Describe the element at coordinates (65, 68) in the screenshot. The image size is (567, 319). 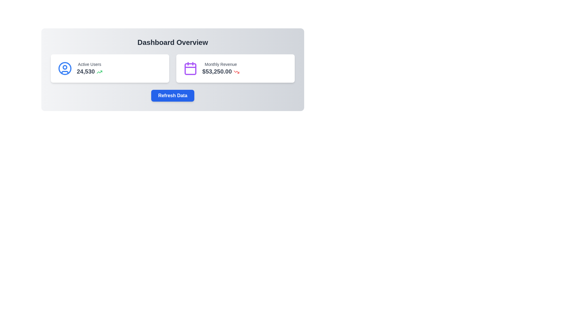
I see `properties of the user profile avatar represented as a circle within the SVG icon located at the top-left of the leftmost card in the dashboard's overview section, above the 'Active Users' label` at that location.